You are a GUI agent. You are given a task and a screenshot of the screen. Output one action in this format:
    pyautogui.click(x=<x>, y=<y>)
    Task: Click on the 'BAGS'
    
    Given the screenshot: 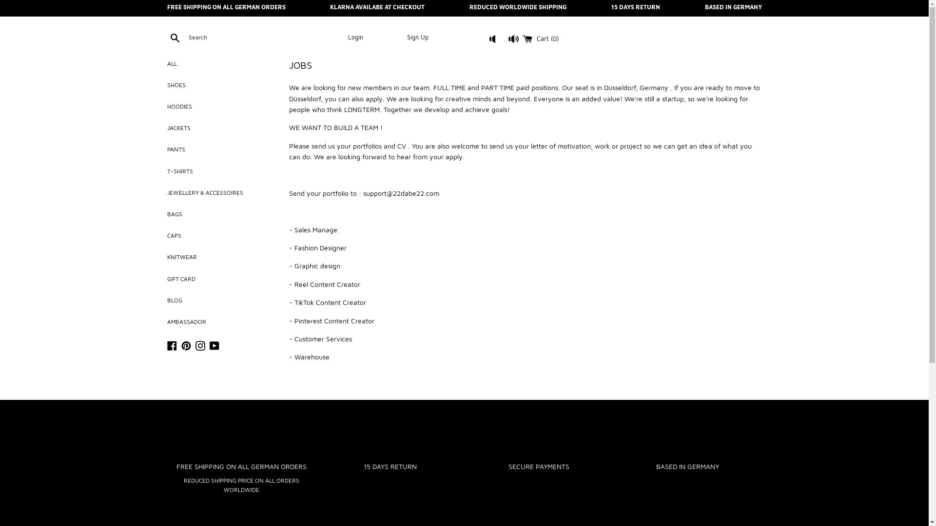 What is the action you would take?
    pyautogui.click(x=219, y=213)
    